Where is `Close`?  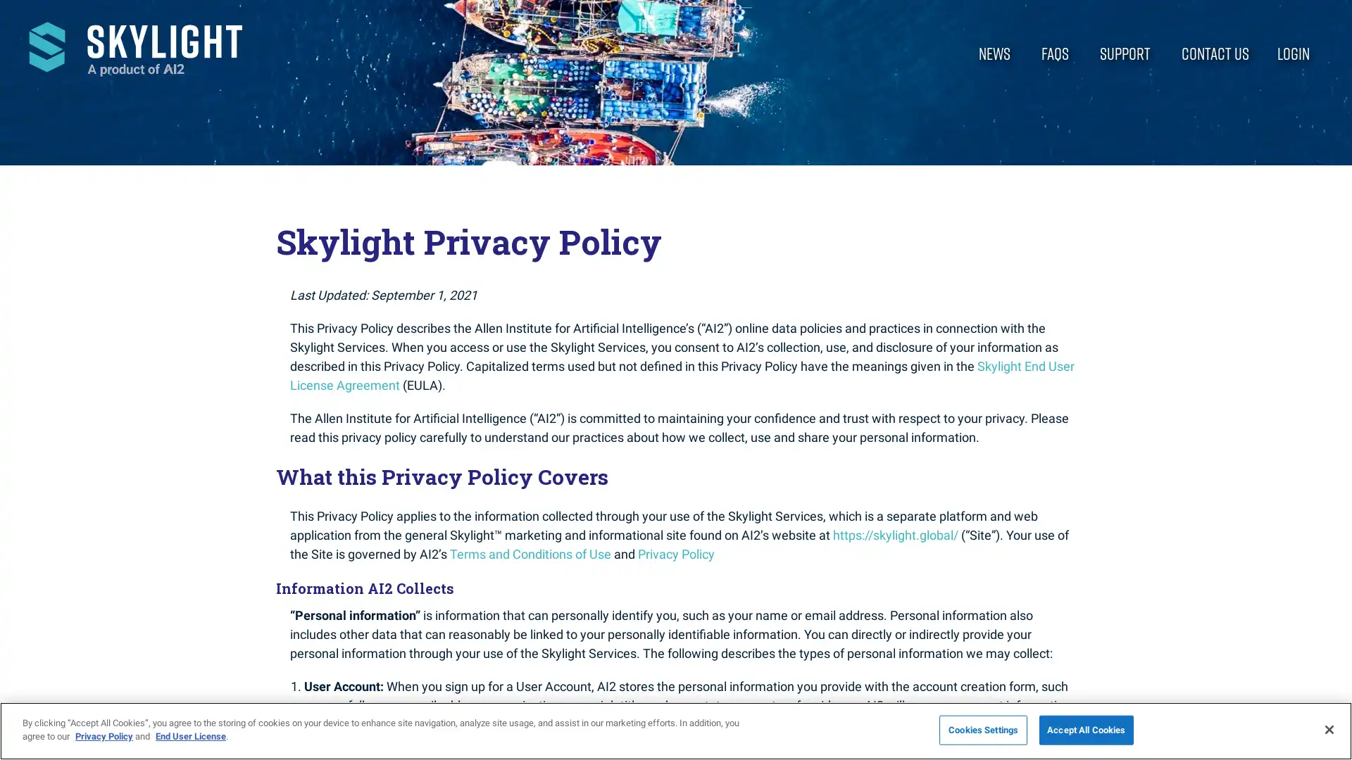 Close is located at coordinates (1328, 728).